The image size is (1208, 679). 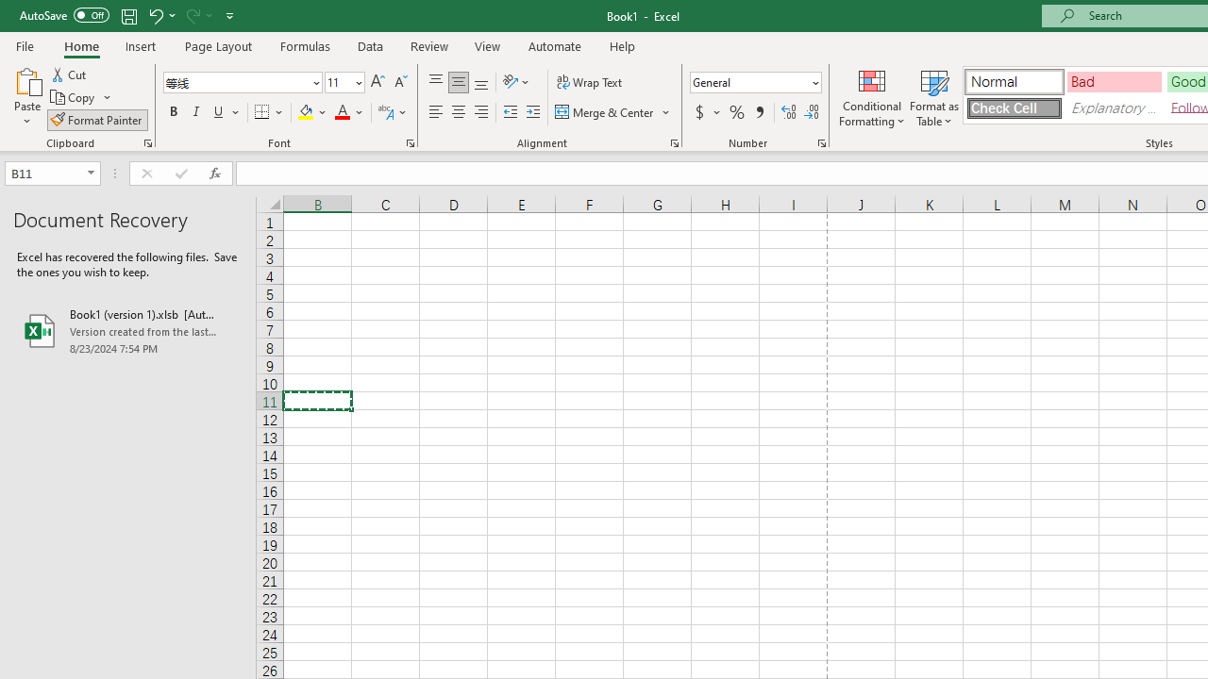 I want to click on 'Top Align', so click(x=435, y=81).